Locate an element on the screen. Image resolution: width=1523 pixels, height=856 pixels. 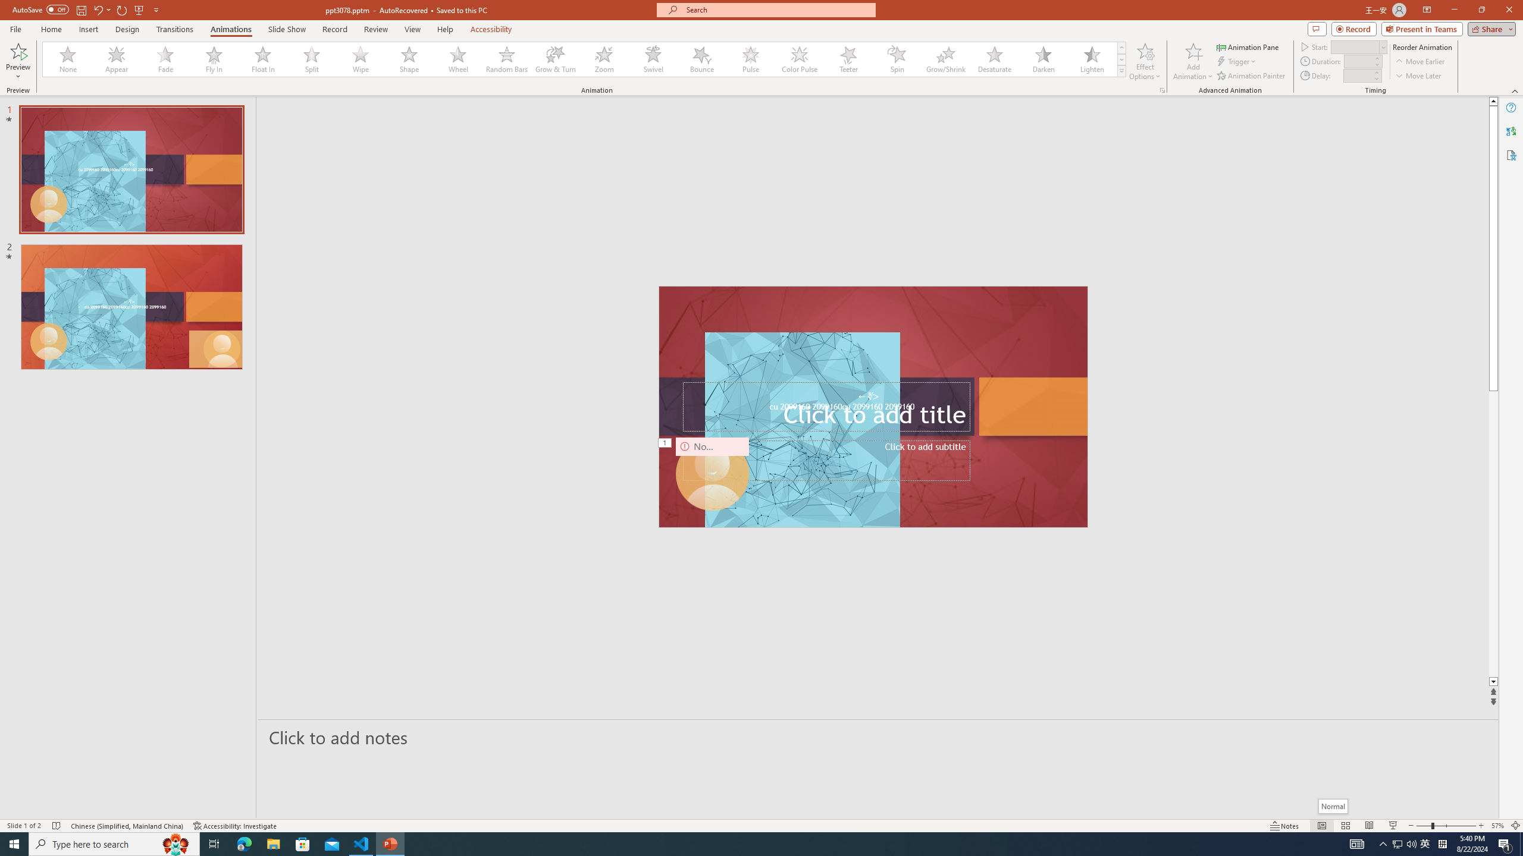
'Animation, sequence 1, on Camera 9' is located at coordinates (665, 443).